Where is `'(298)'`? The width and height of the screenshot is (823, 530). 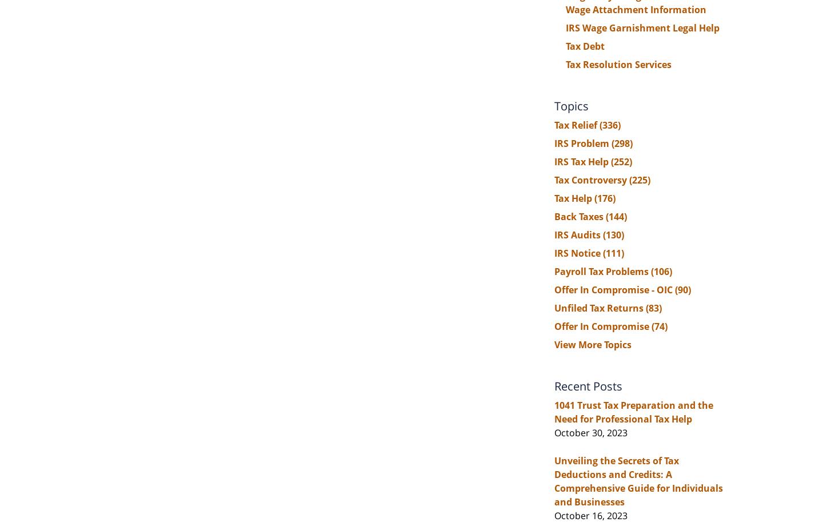
'(298)' is located at coordinates (621, 143).